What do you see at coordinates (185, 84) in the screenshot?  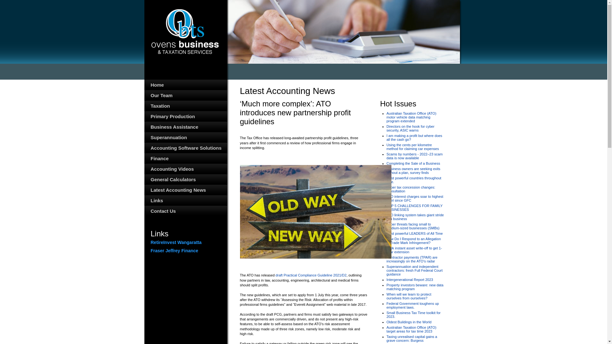 I see `'Home'` at bounding box center [185, 84].